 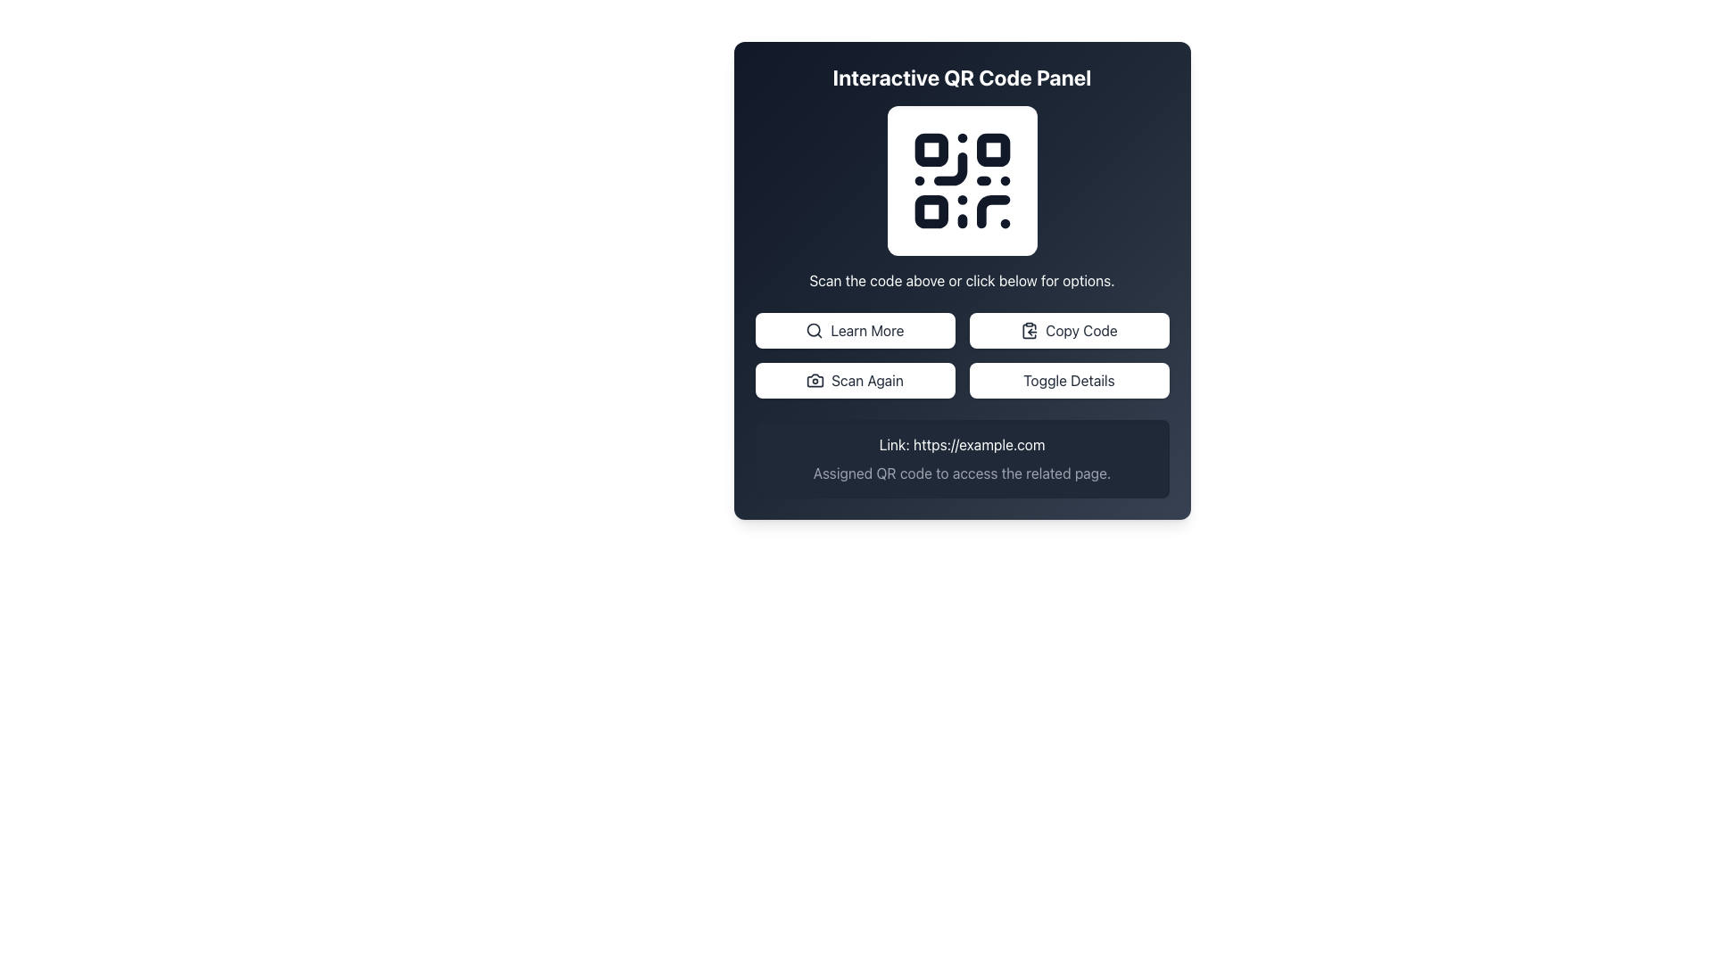 I want to click on small square decorative element with a white fill and black border located in the bottom-left corner of the QR code, so click(x=930, y=210).